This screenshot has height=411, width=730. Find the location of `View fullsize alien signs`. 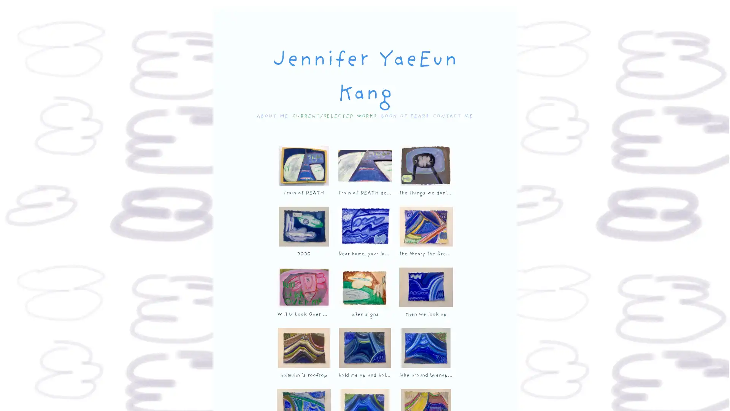

View fullsize alien signs is located at coordinates (364, 287).